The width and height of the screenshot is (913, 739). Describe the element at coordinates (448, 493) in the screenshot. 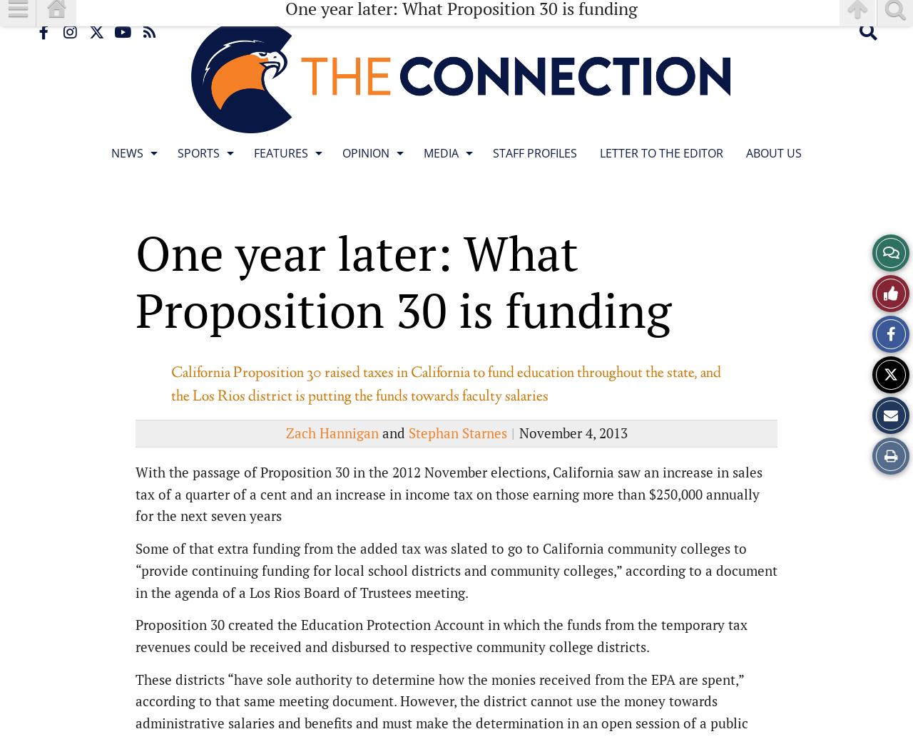

I see `'With the passage of Proposition 30 in the 2012 November elections, California saw an increase in sales tax of a quarter of a cent and an increase in income tax on those earning more than $250,000 annually for the next seven years'` at that location.